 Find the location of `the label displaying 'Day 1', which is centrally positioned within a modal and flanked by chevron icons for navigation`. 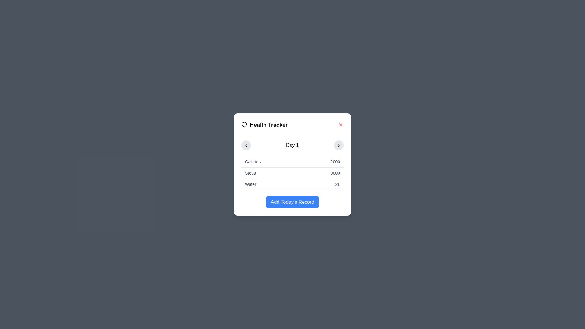

the label displaying 'Day 1', which is centrally positioned within a modal and flanked by chevron icons for navigation is located at coordinates (292, 145).